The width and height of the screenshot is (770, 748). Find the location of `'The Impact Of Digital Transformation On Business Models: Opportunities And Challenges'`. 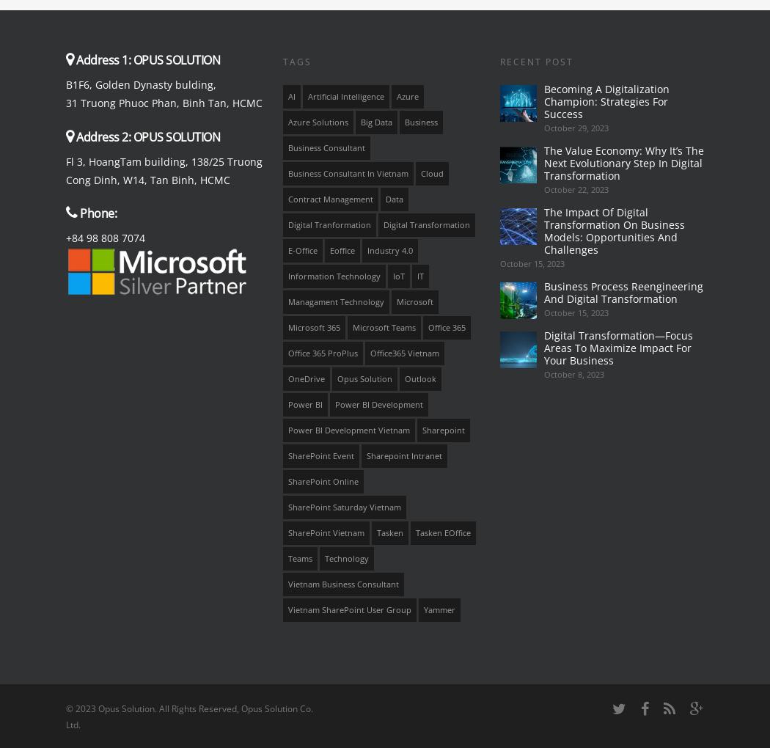

'The Impact Of Digital Transformation On Business Models: Opportunities And Challenges' is located at coordinates (613, 230).